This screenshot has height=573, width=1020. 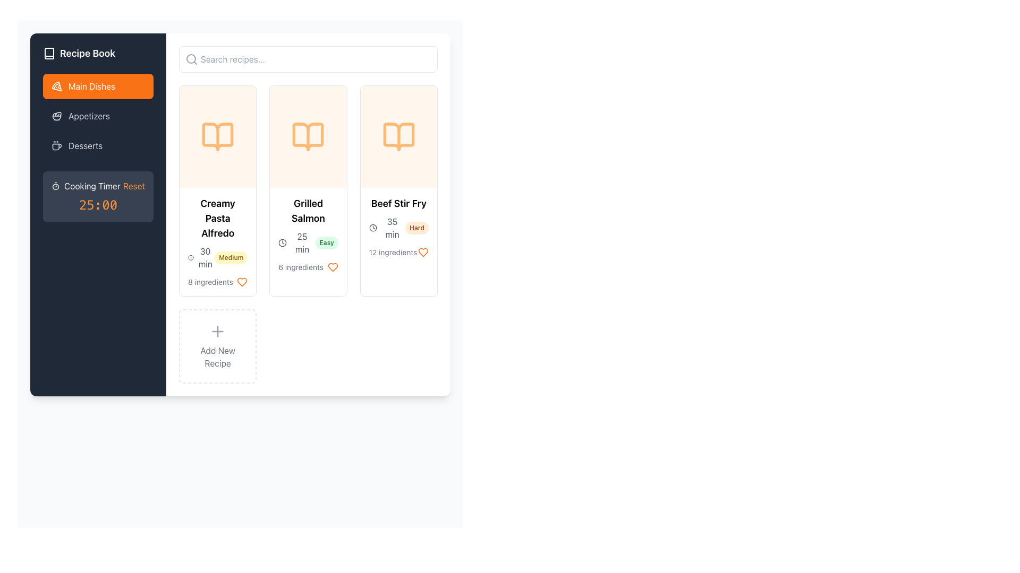 I want to click on the 'Main Dishes' text label, which is a bold white font against an orange background, so click(x=91, y=85).